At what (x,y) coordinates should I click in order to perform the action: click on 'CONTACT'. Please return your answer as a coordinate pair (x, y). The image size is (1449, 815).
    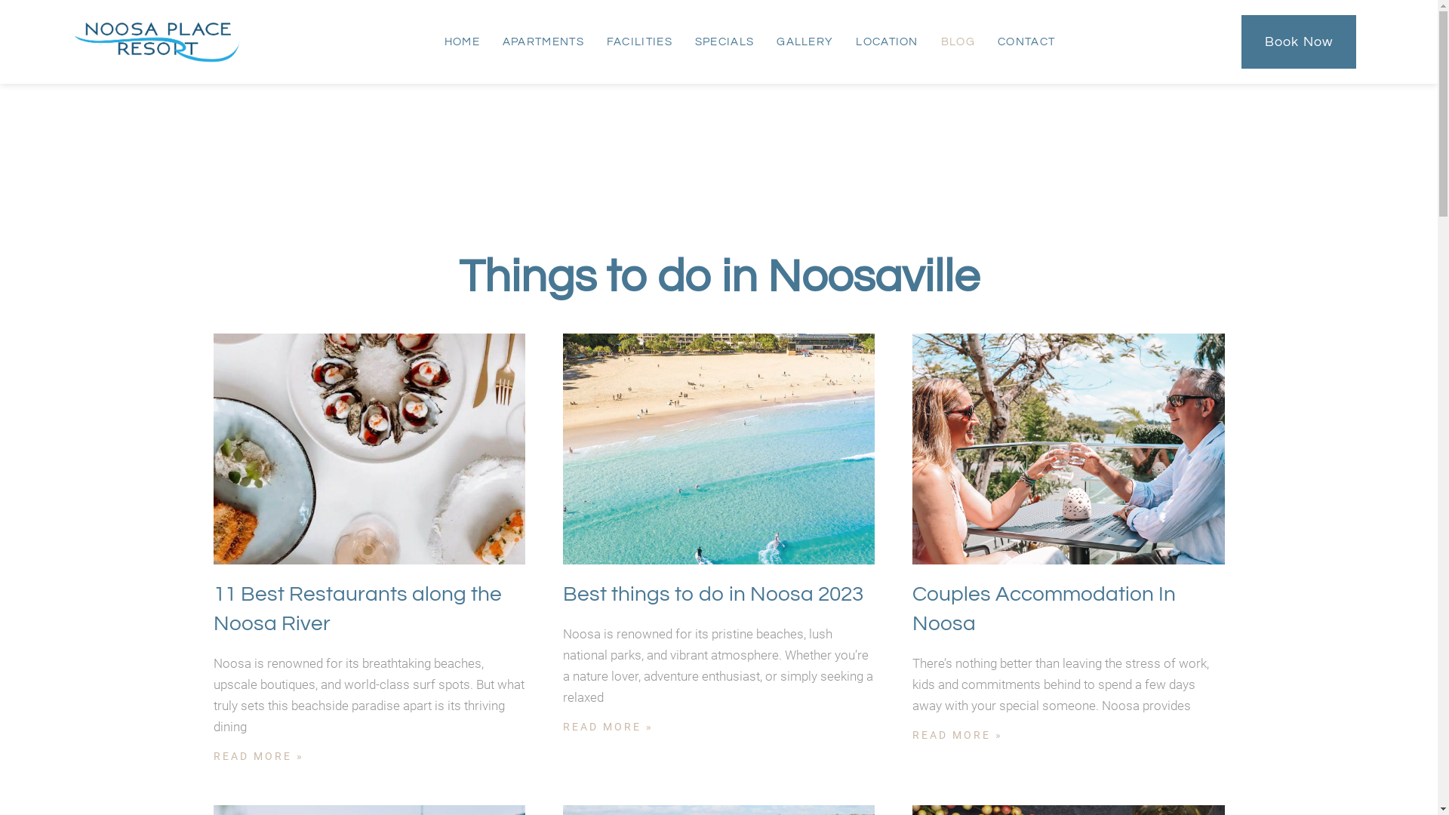
    Looking at the image, I should click on (986, 41).